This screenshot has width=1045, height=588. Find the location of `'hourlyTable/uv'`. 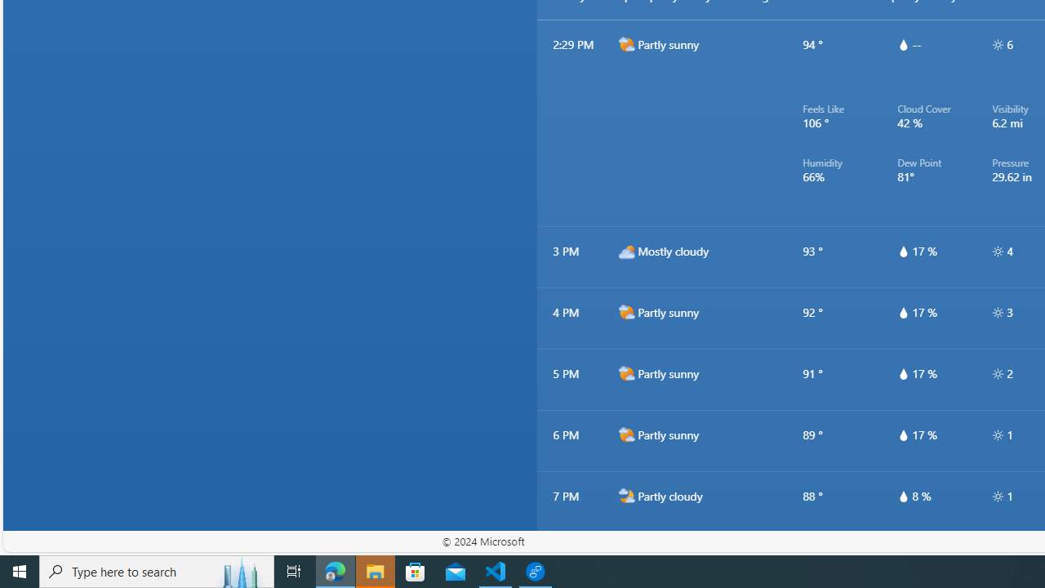

'hourlyTable/uv' is located at coordinates (997, 496).